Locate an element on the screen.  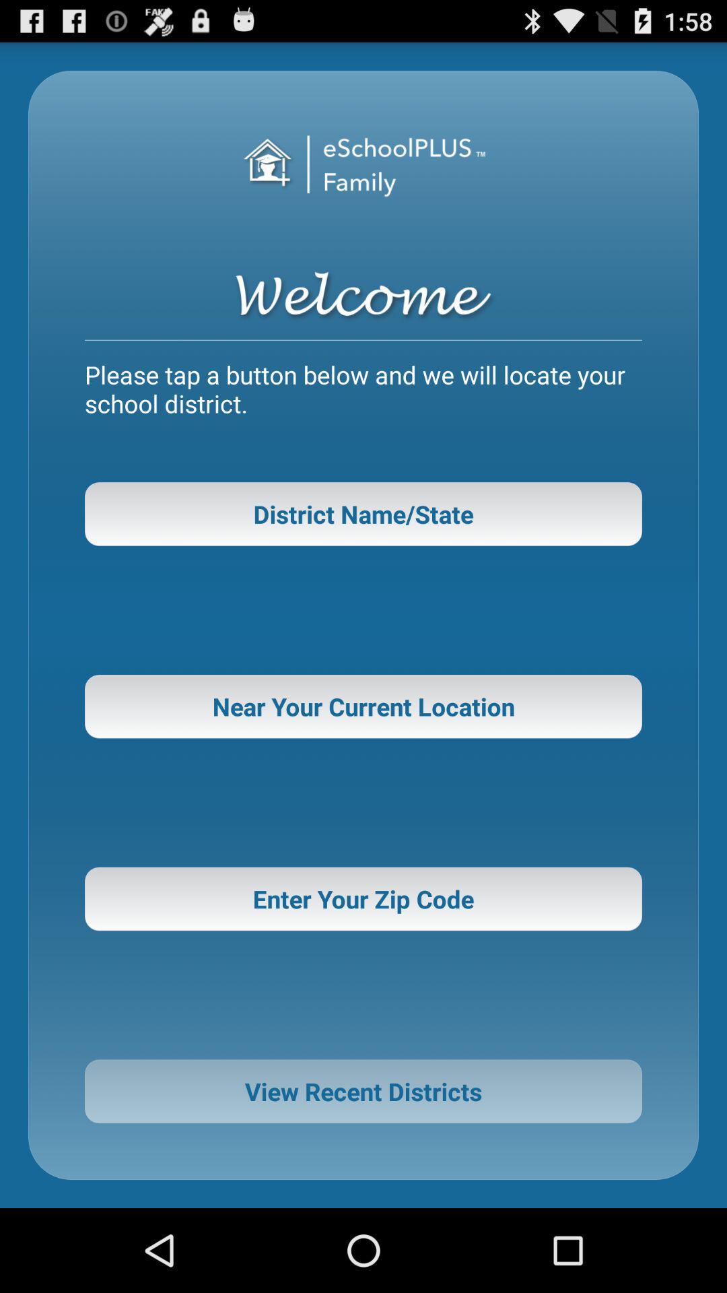
enter your zip is located at coordinates (363, 898).